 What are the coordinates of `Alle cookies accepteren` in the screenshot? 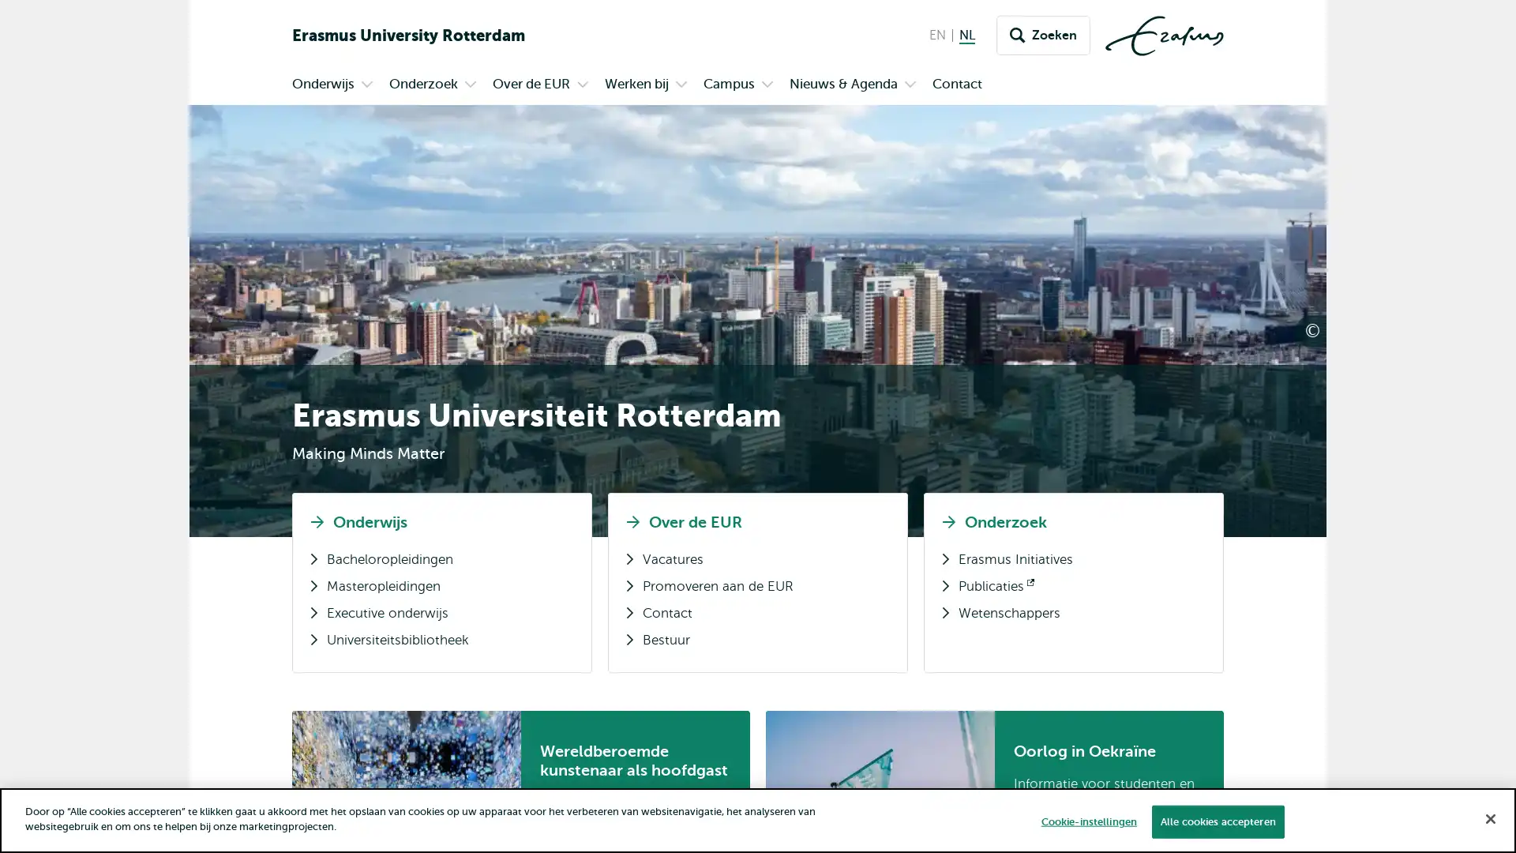 It's located at (1216, 821).